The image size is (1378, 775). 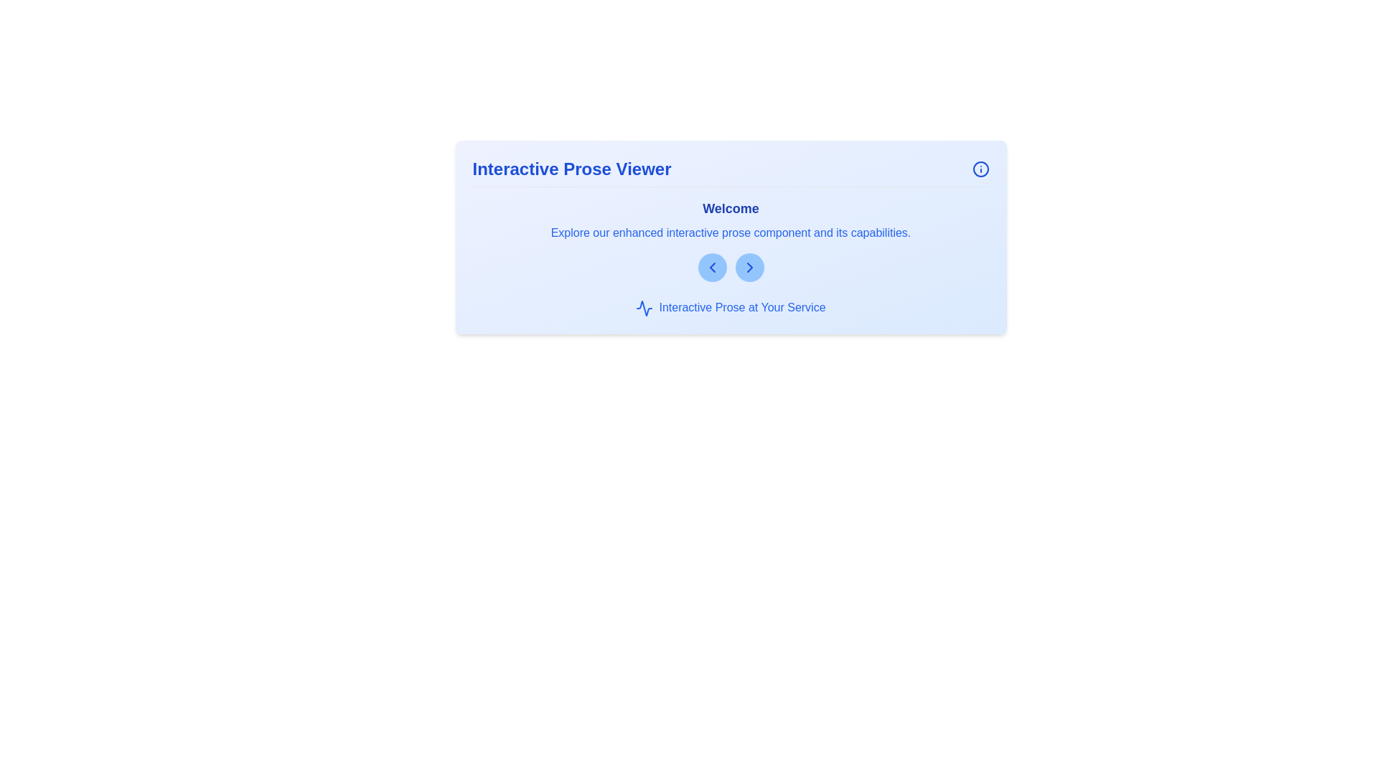 What do you see at coordinates (980, 168) in the screenshot?
I see `the information icon located on the far right of the 'Interactive Prose Viewer' title bar` at bounding box center [980, 168].